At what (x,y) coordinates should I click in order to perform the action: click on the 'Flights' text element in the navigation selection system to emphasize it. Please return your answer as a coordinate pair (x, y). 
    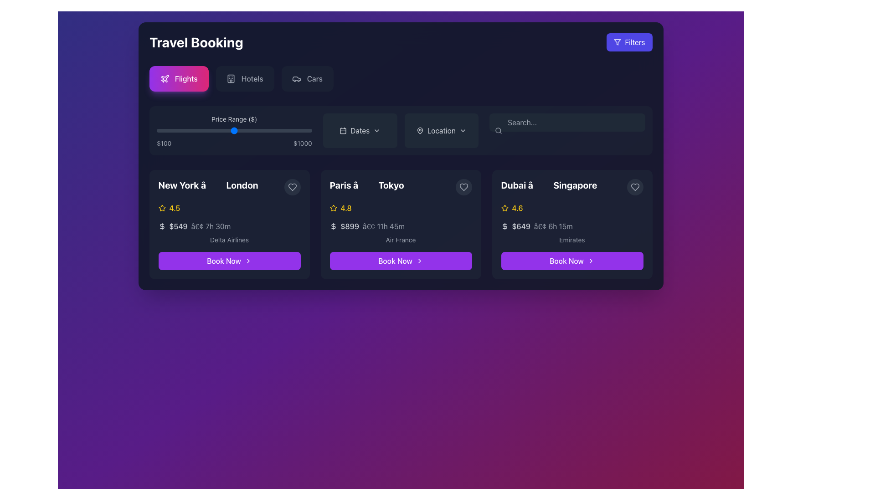
    Looking at the image, I should click on (185, 78).